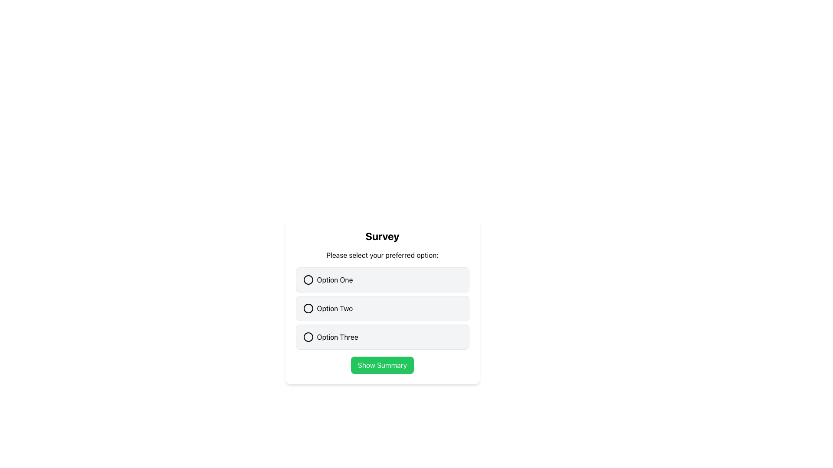 The width and height of the screenshot is (833, 468). What do you see at coordinates (308, 279) in the screenshot?
I see `the unfilled radio button for 'Option One' in the survey interface` at bounding box center [308, 279].